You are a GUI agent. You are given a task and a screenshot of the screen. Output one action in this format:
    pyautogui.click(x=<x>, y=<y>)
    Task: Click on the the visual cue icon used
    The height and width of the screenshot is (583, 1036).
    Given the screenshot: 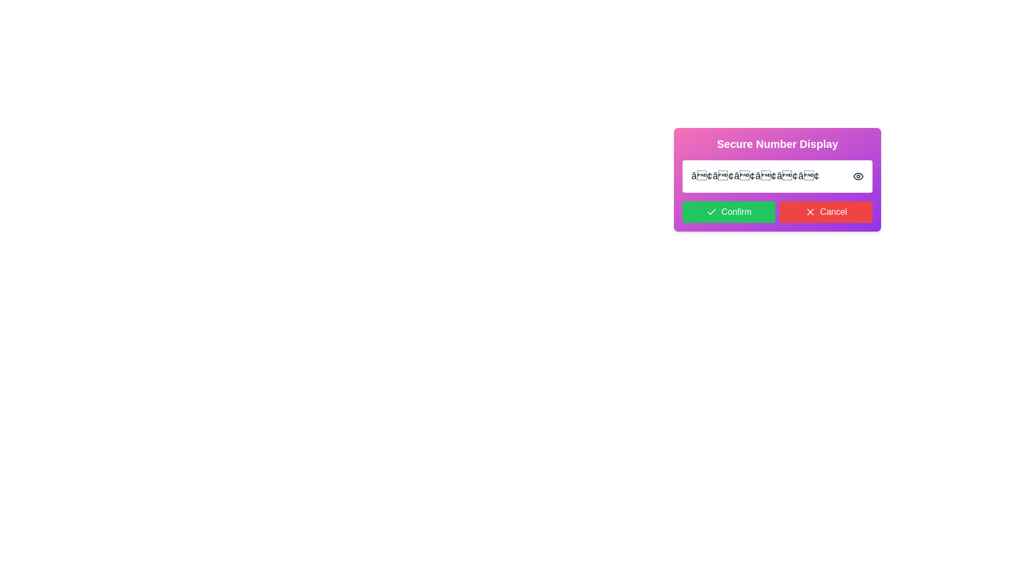 What is the action you would take?
    pyautogui.click(x=857, y=176)
    